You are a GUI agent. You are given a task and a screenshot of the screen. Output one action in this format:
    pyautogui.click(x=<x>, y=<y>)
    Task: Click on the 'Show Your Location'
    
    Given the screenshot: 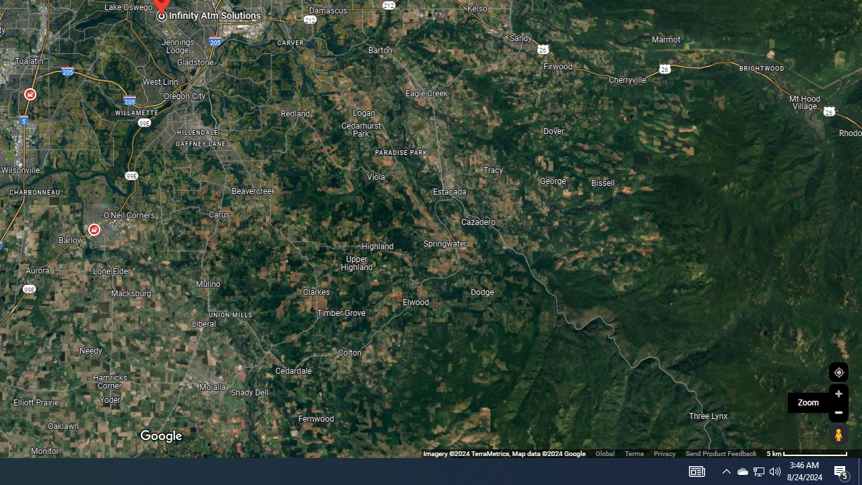 What is the action you would take?
    pyautogui.click(x=838, y=372)
    